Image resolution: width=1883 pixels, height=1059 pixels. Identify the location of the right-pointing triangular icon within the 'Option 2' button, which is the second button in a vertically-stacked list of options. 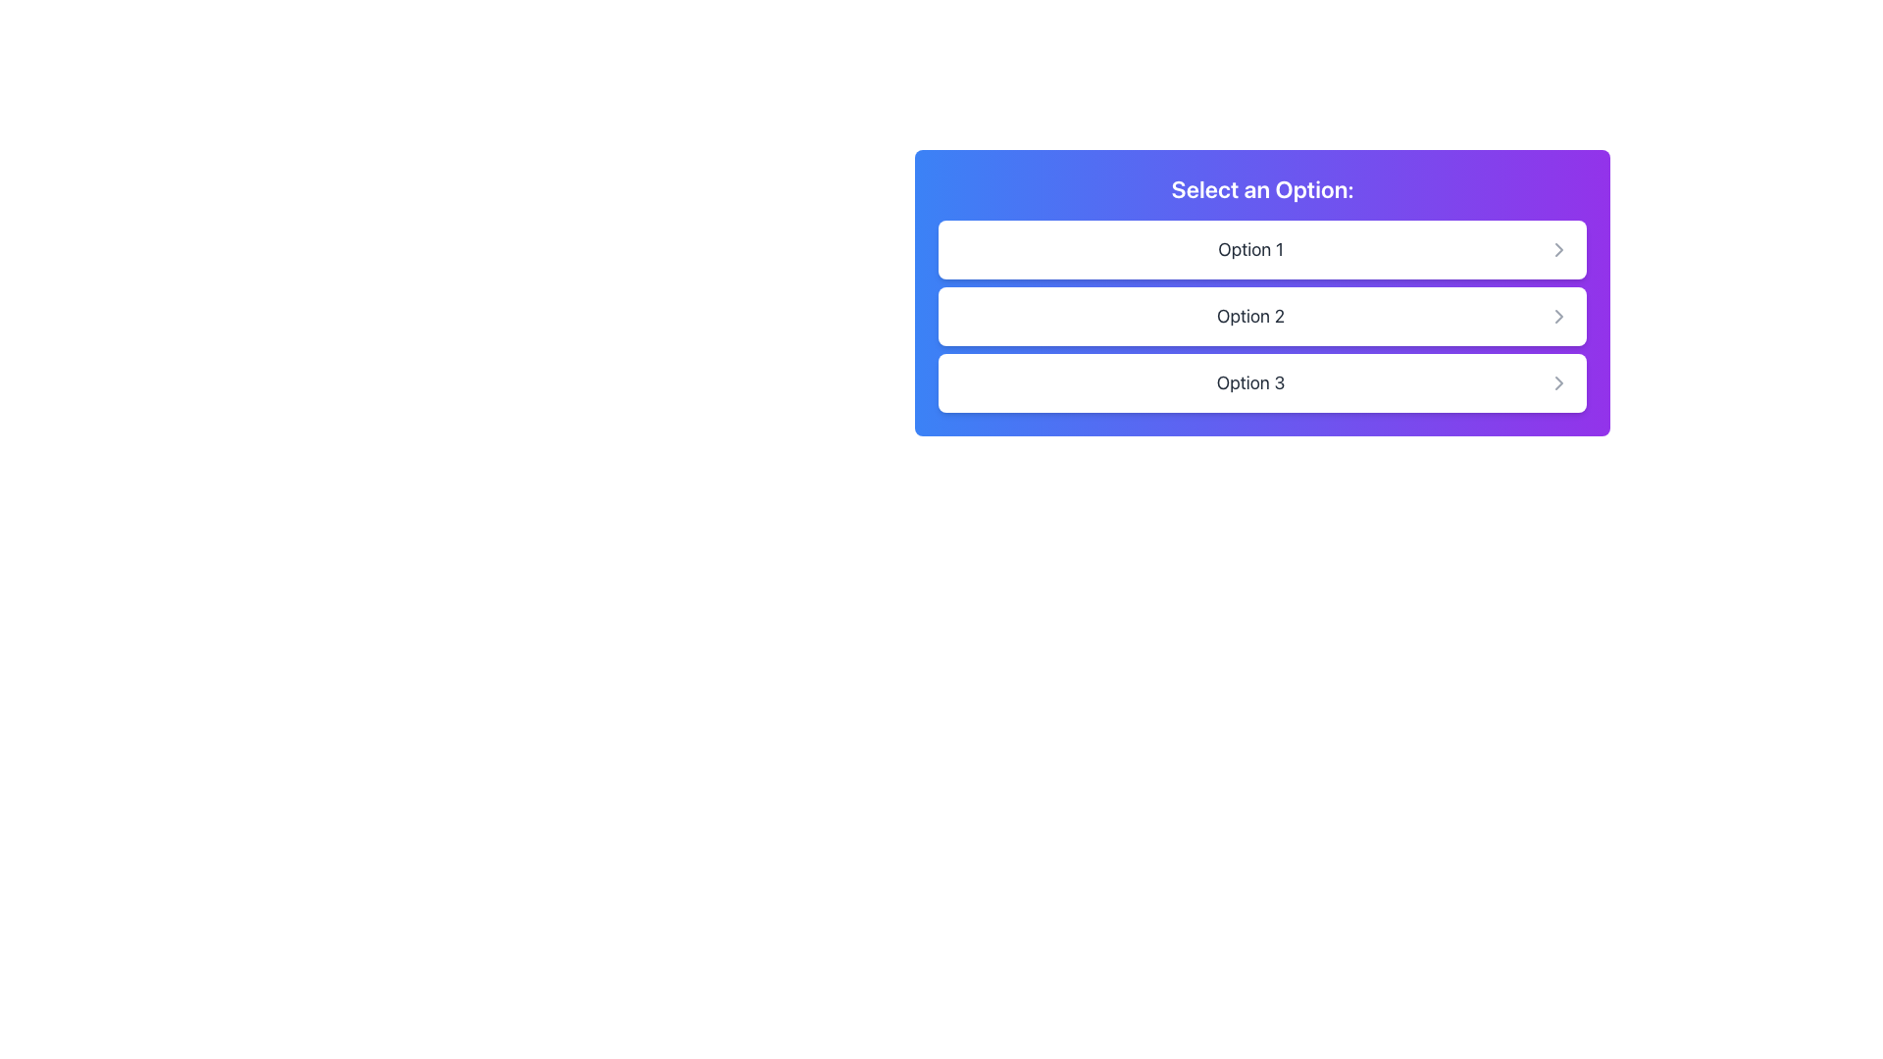
(1557, 316).